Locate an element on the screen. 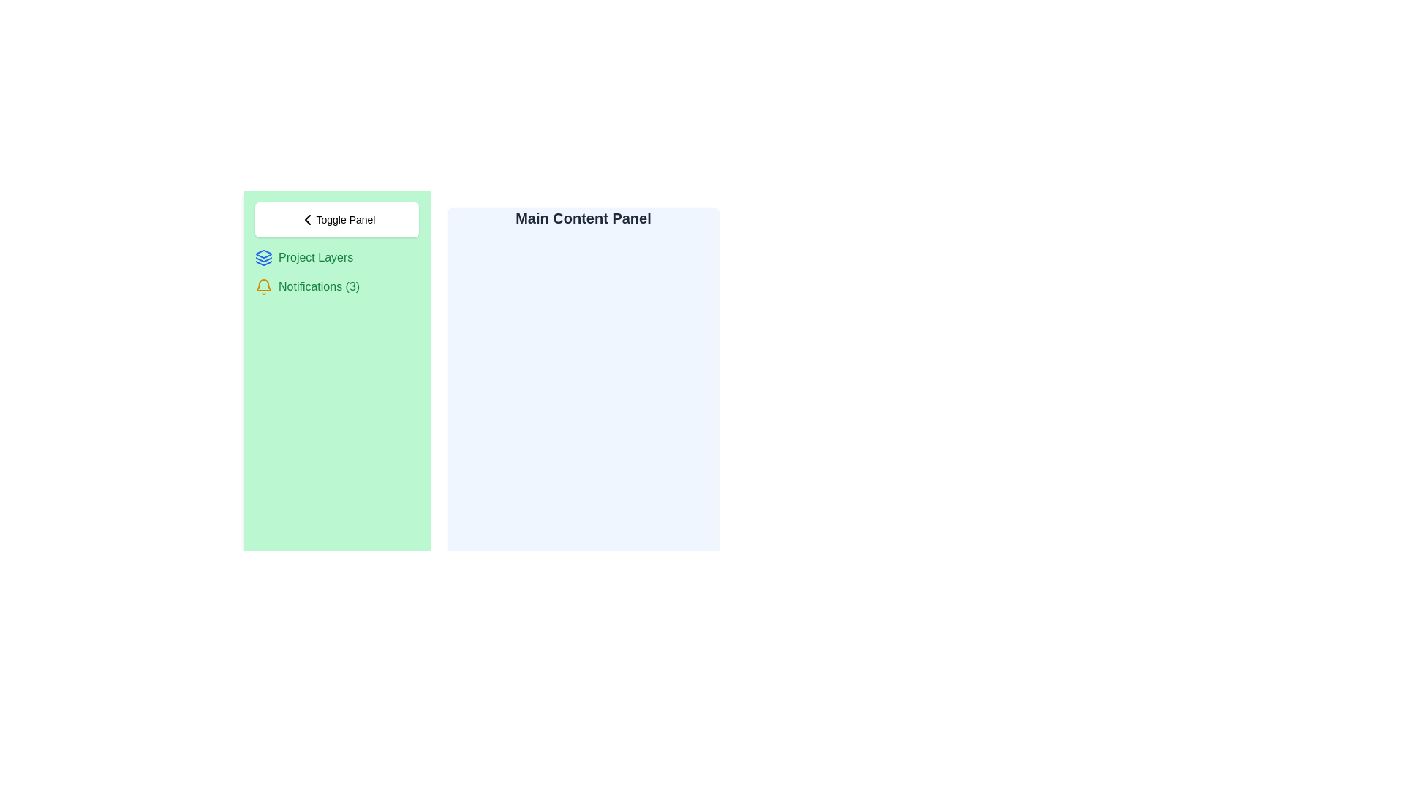 The height and width of the screenshot is (789, 1404). the first menu item in the vertical menu on the left-hand side of the interface is located at coordinates (336, 257).